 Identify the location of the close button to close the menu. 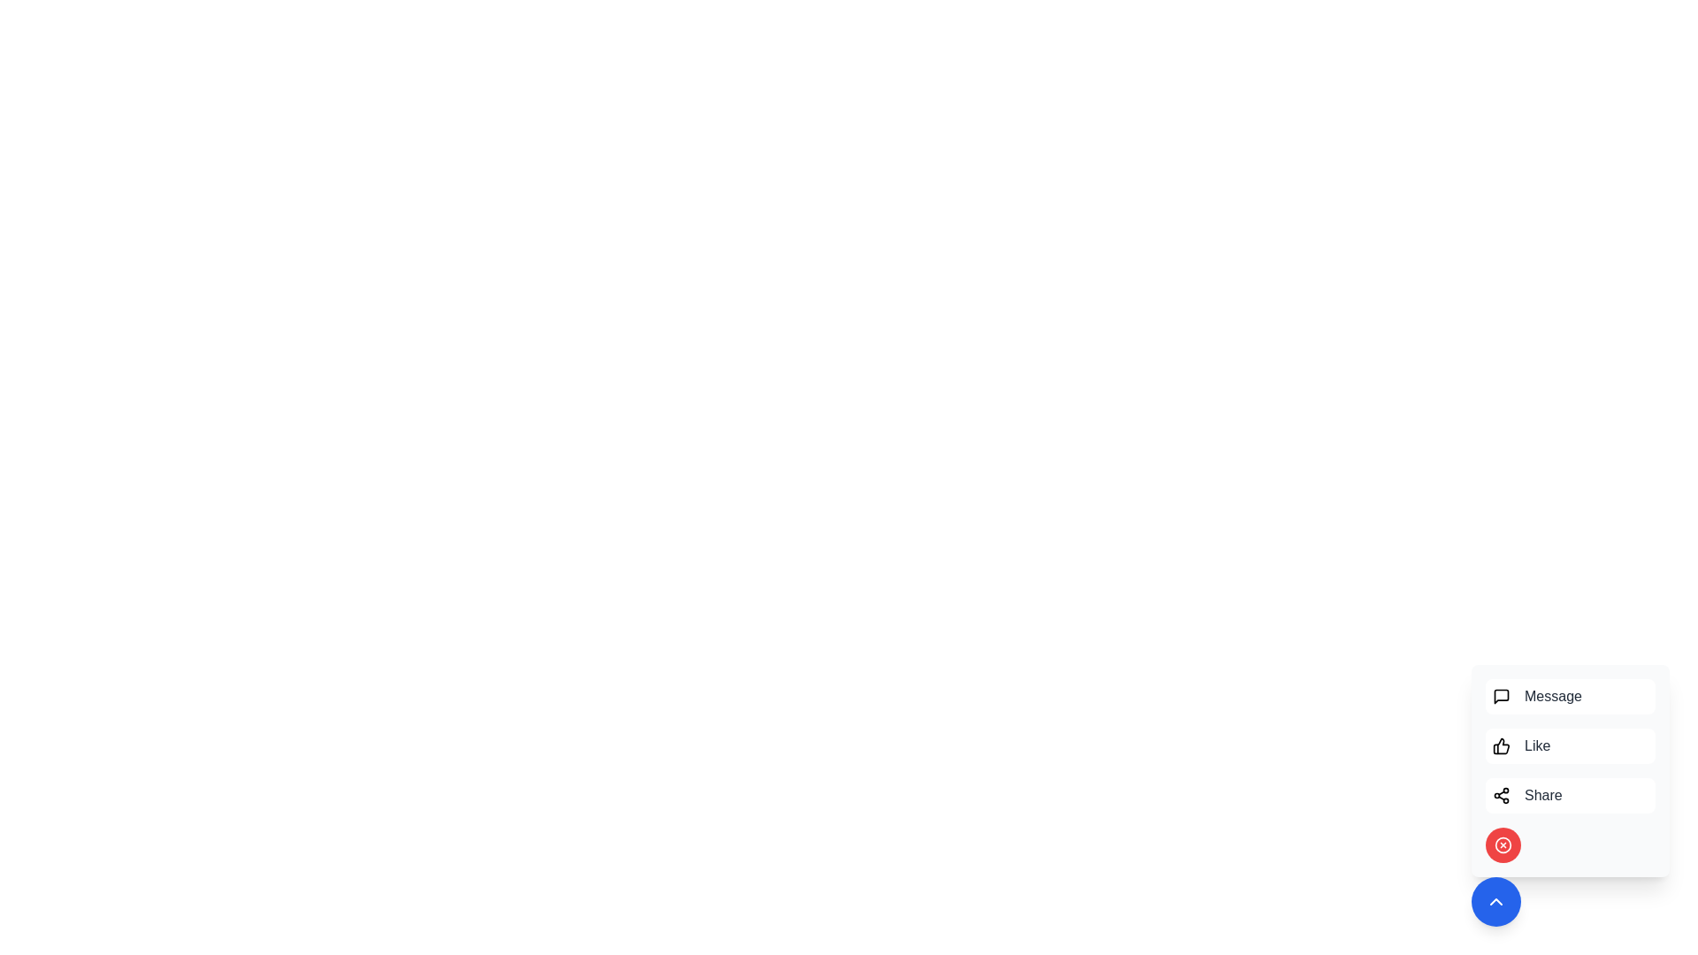
(1502, 844).